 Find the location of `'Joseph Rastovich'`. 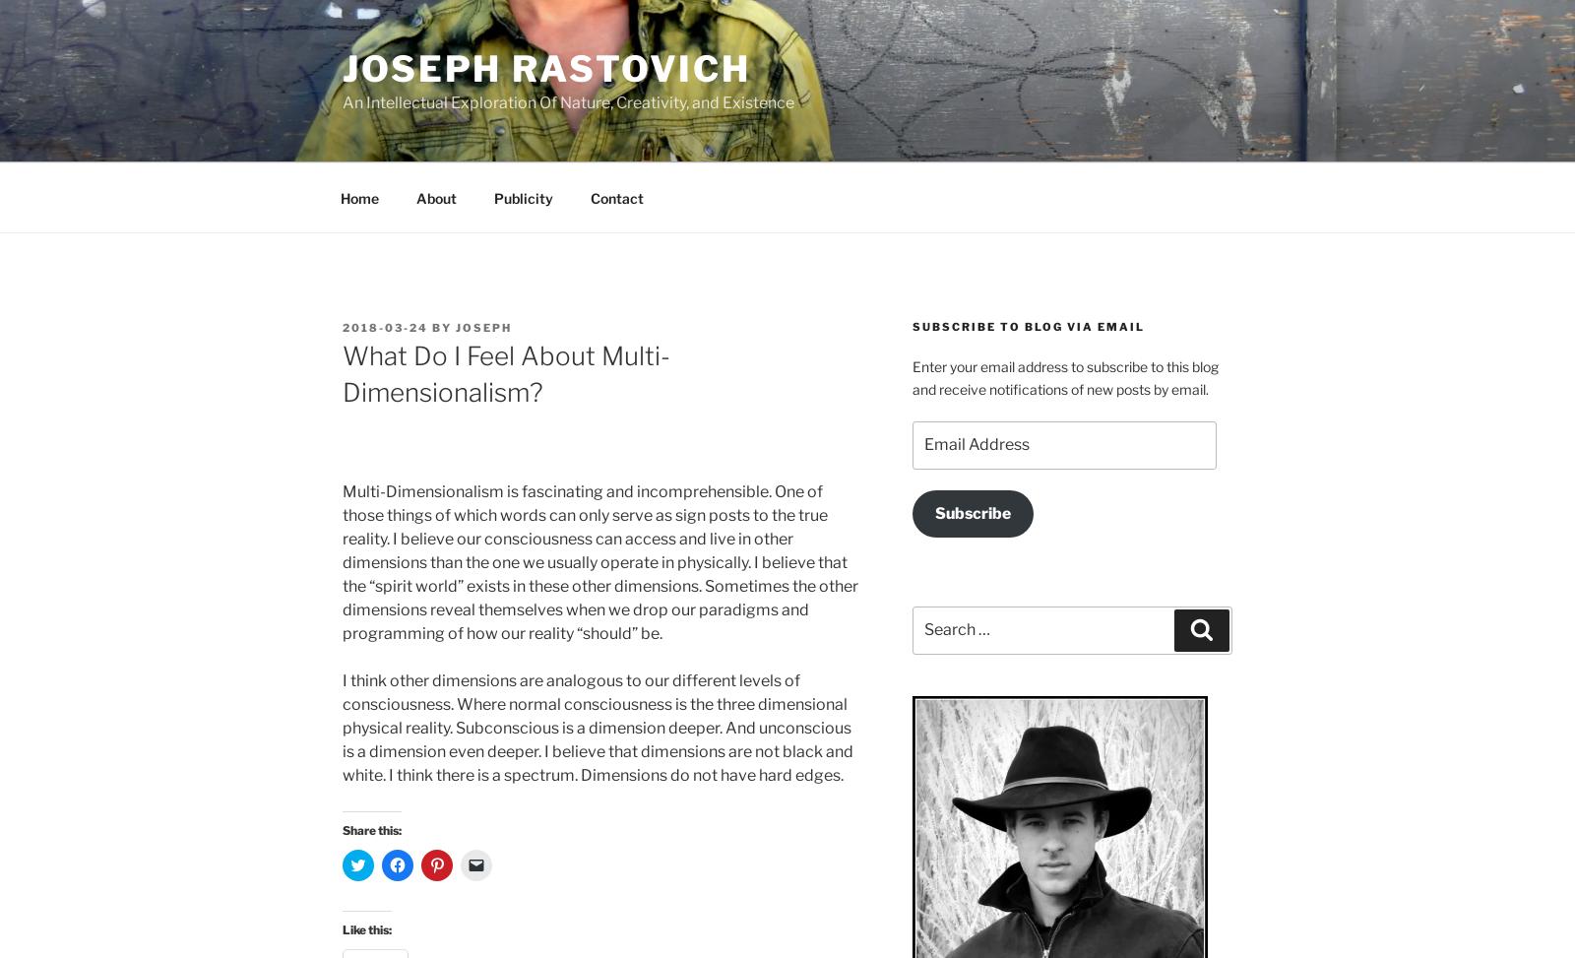

'Joseph Rastovich' is located at coordinates (545, 68).